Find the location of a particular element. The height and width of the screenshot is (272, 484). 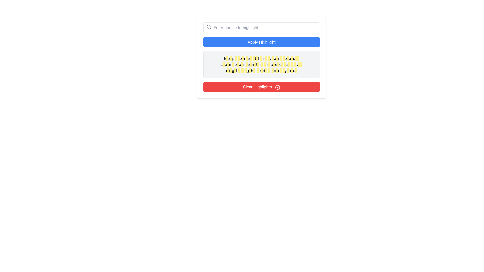

the 30th Static highlight block element, which visually highlights a section of text and is located under the text 'Explore the various components specially highlighted for you.' is located at coordinates (228, 71).